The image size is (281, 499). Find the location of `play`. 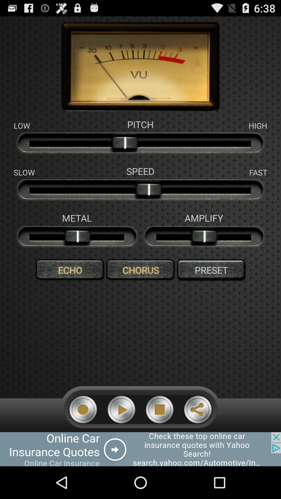

play is located at coordinates (121, 409).